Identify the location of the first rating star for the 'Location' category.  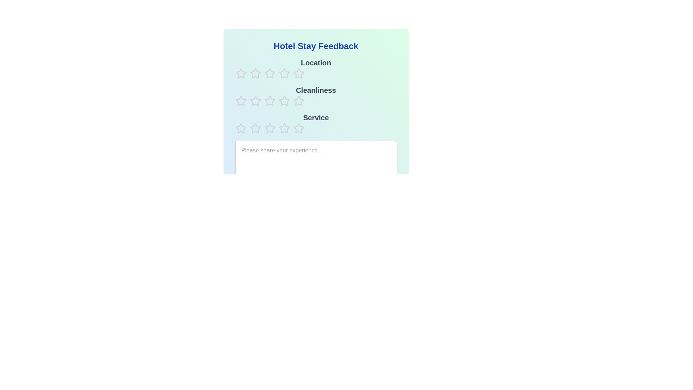
(241, 74).